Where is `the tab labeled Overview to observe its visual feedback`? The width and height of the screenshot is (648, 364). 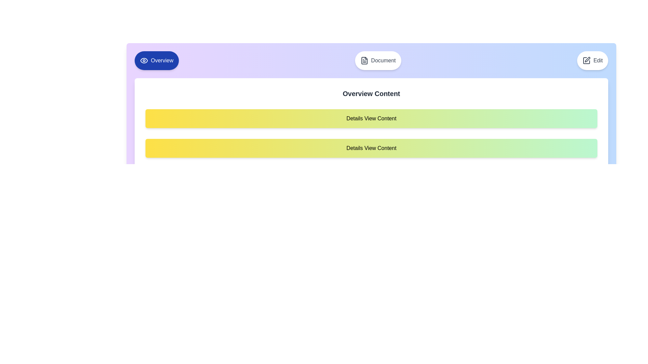
the tab labeled Overview to observe its visual feedback is located at coordinates (156, 61).